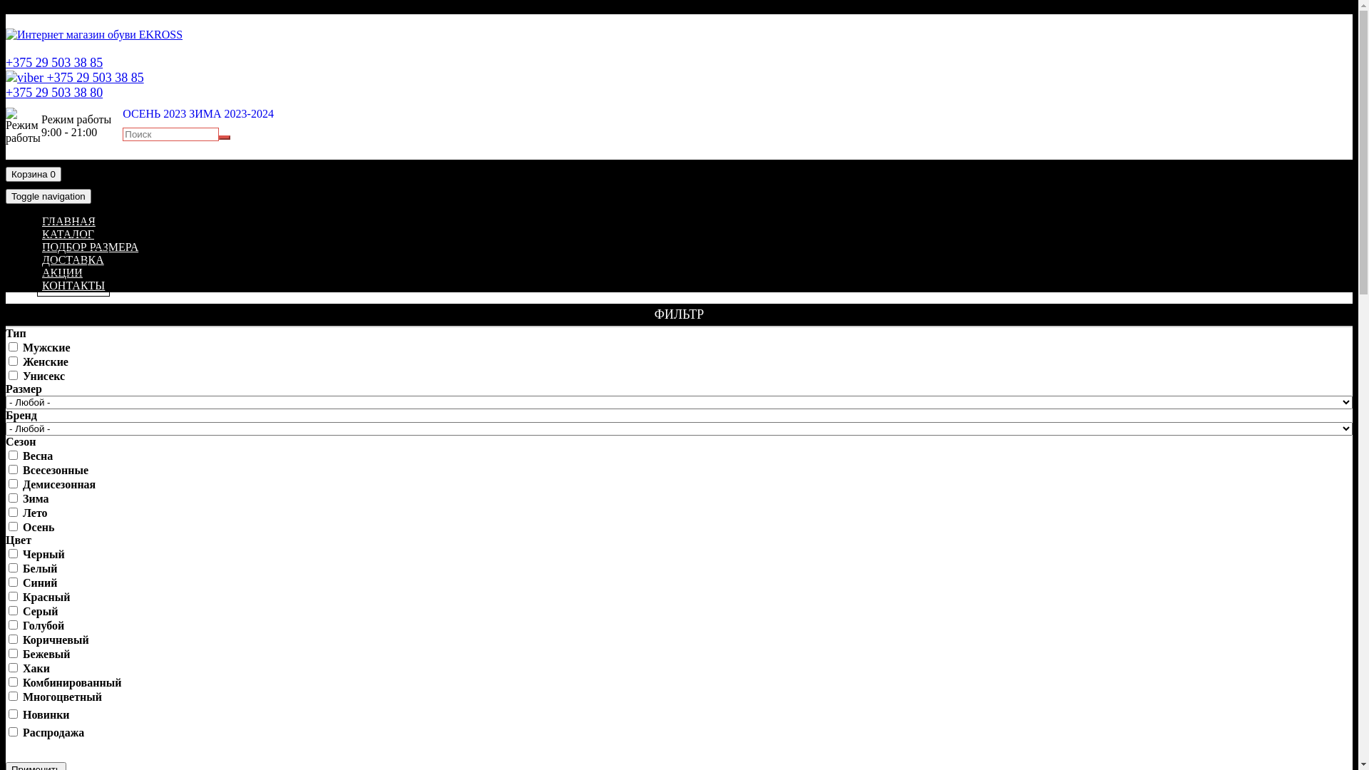  Describe the element at coordinates (54, 62) in the screenshot. I see `'+375 29 503 38 85'` at that location.